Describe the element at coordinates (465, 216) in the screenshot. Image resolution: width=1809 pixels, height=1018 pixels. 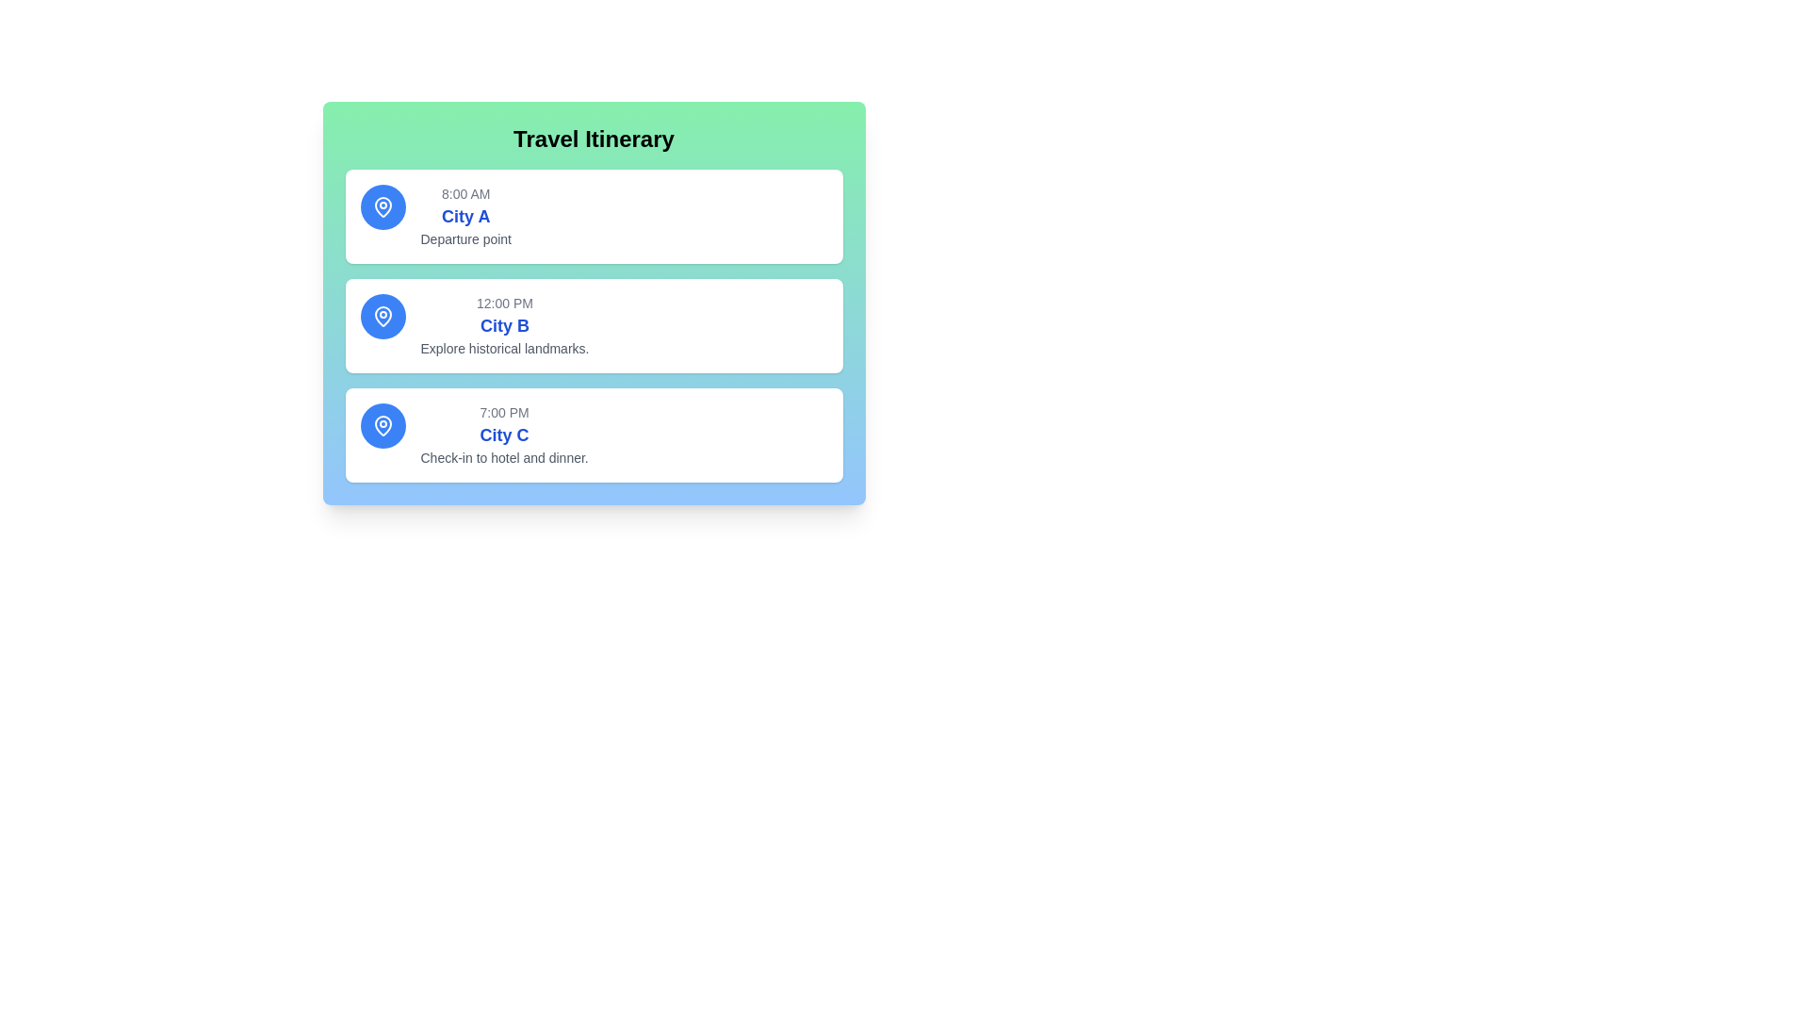
I see `the static text block that provides information about the departure point 'City A' at 8:00 AM, located in the first card under 'Travel Itinerary' and positioned to the right of the blue circular location marker icon` at that location.